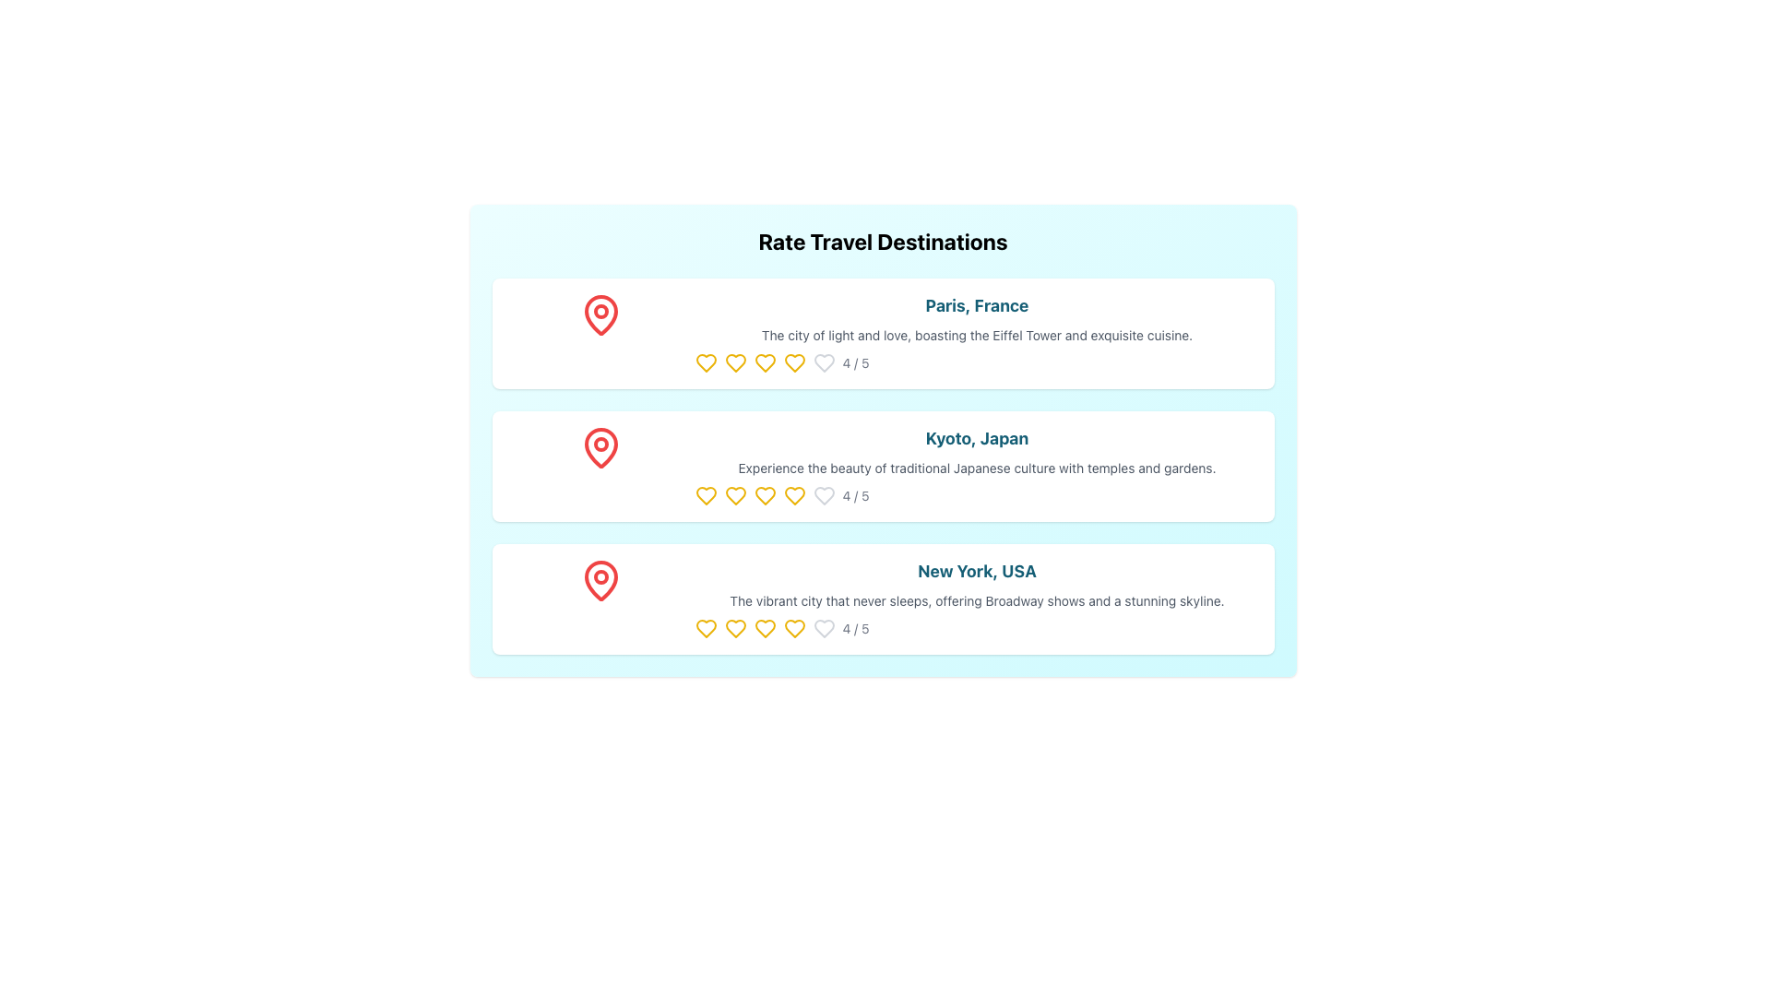  Describe the element at coordinates (734, 494) in the screenshot. I see `the second heart-shaped Rating icon in the row aligned with 'Kyoto, Japan'` at that location.